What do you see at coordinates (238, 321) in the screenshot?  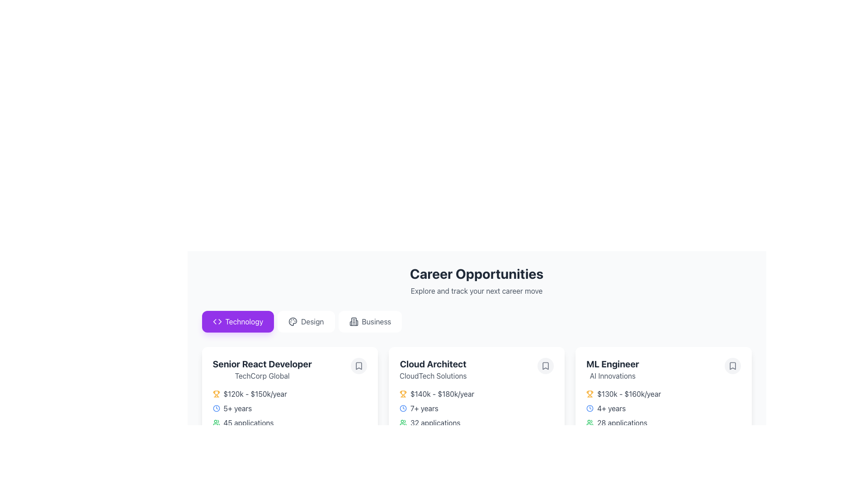 I see `the 'Technology' button, which is a vibrant purple rectangular button with rounded corners and a white text label` at bounding box center [238, 321].